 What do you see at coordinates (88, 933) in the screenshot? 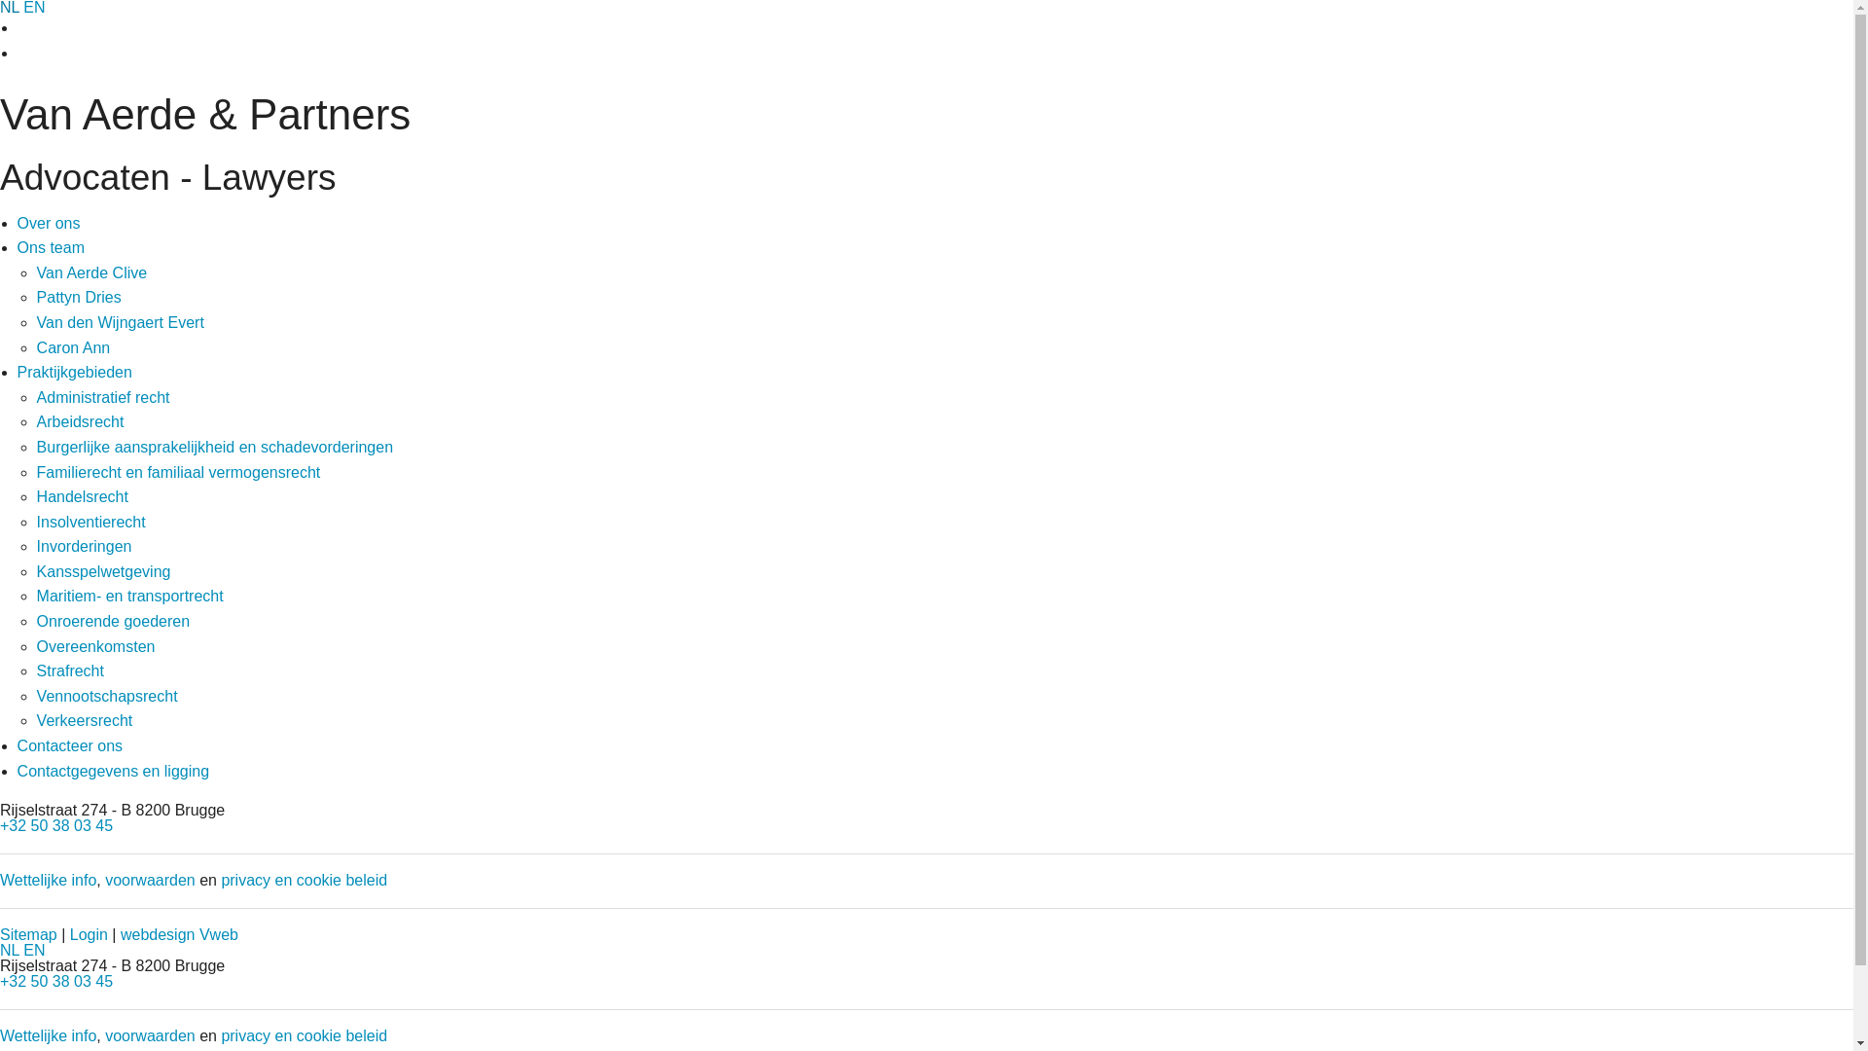
I see `'Login'` at bounding box center [88, 933].